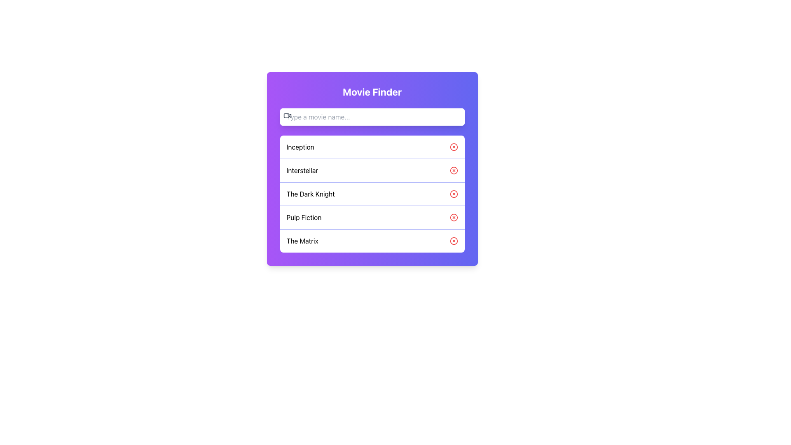 Image resolution: width=791 pixels, height=445 pixels. I want to click on the first list item representing a selectable movie in the vertical list, so click(372, 147).